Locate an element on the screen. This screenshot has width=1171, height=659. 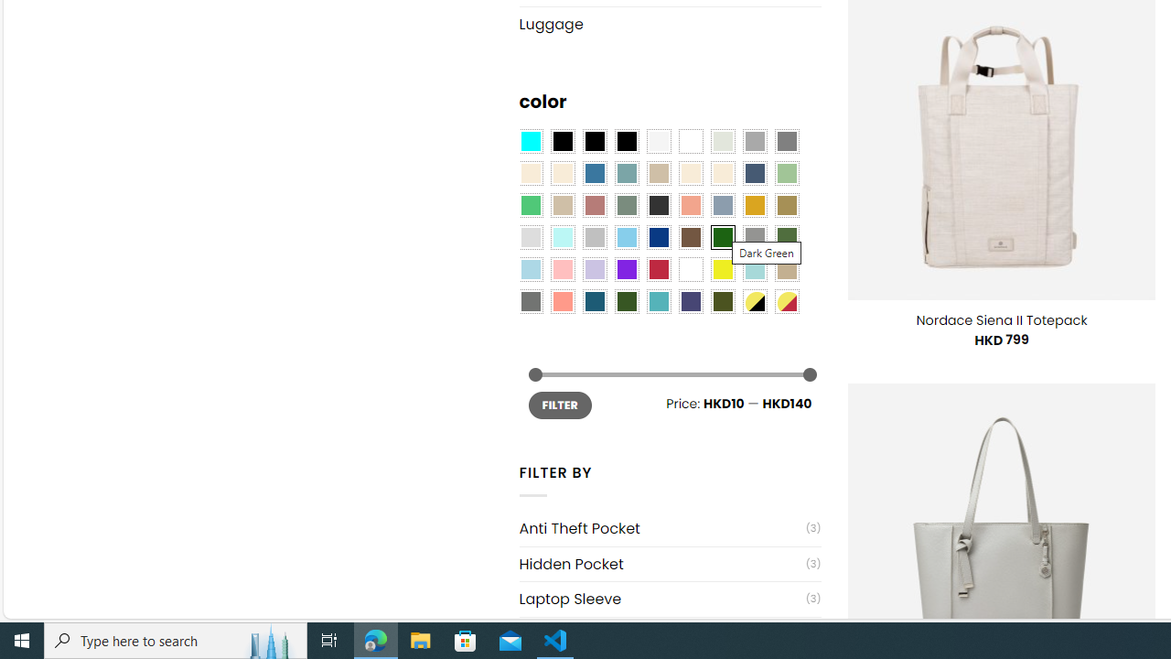
'Coral' is located at coordinates (690, 206).